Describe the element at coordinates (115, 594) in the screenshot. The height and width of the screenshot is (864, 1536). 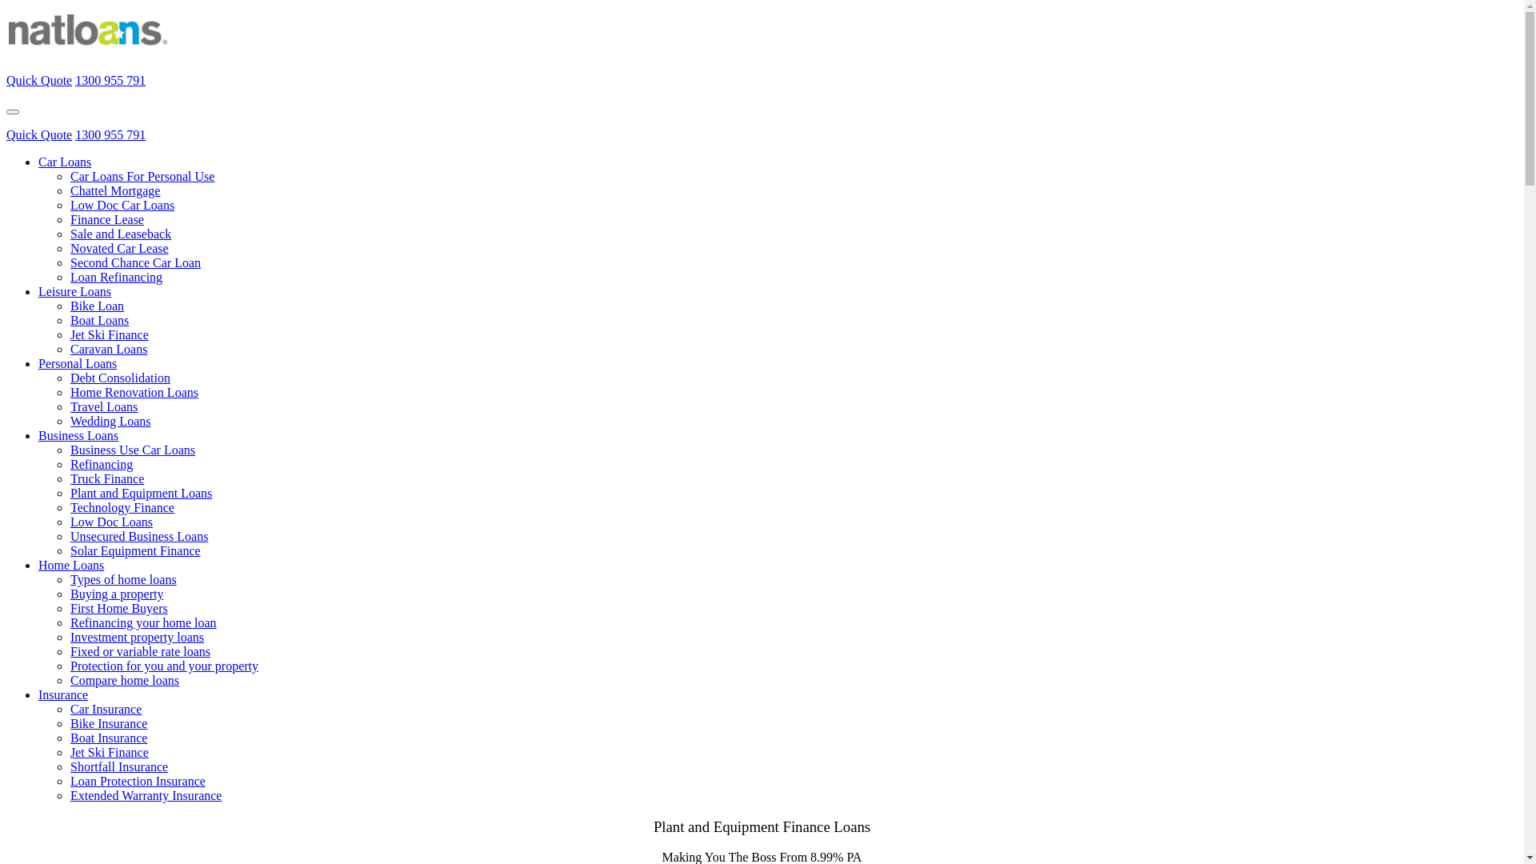
I see `'Buying a property'` at that location.